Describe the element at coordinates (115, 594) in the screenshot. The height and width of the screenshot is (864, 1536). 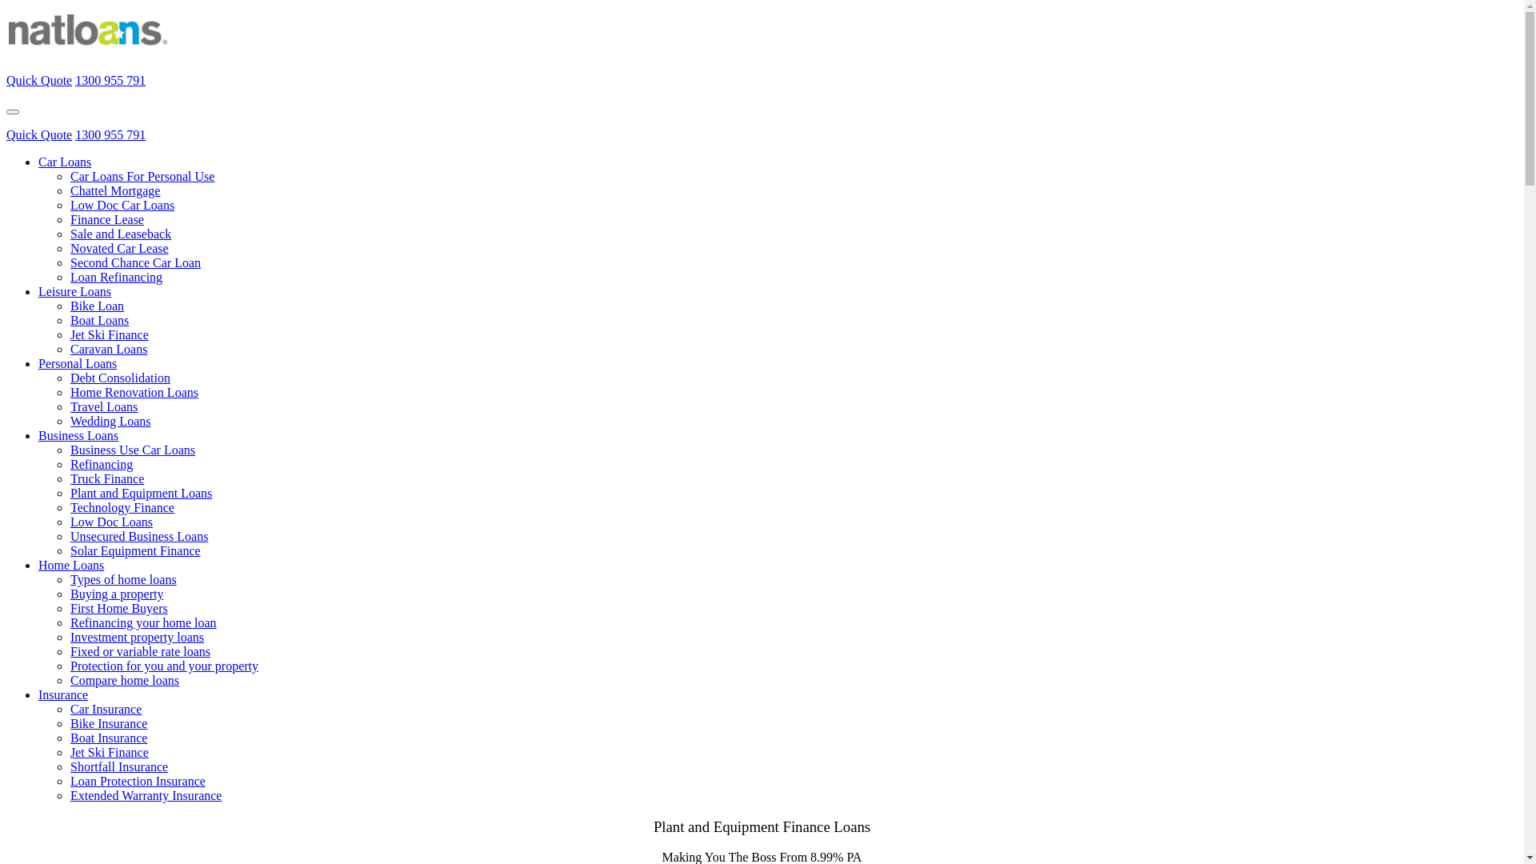
I see `'Buying a property'` at that location.